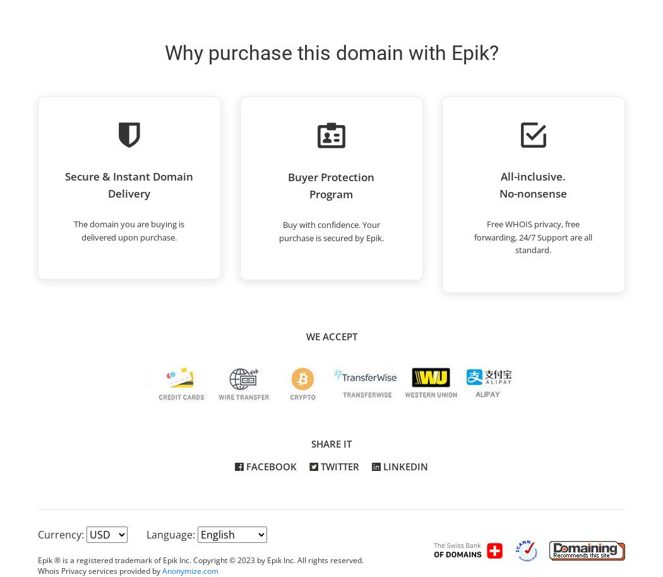  I want to click on 'Why purchase this domain with Epik?', so click(330, 52).